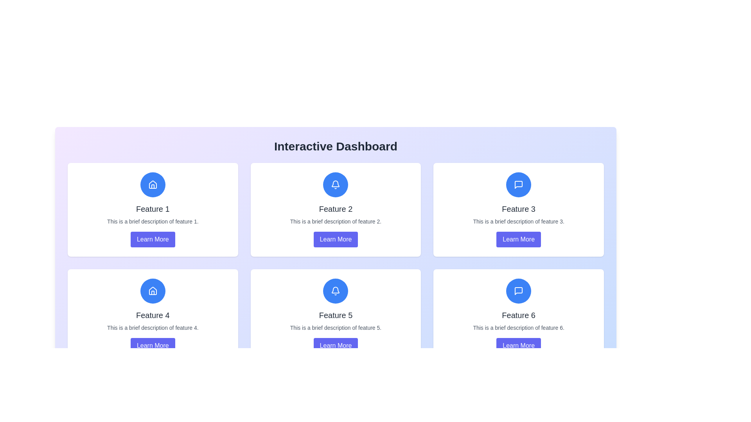 The image size is (751, 422). I want to click on the 'Feature 4' icon located in the central upper part of the fourth feature card in the interactive dashboard interface, so click(153, 291).